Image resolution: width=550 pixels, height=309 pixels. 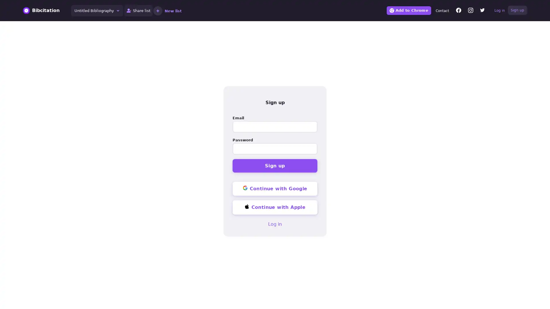 What do you see at coordinates (97, 11) in the screenshot?
I see `Untitled Bibliography` at bounding box center [97, 11].